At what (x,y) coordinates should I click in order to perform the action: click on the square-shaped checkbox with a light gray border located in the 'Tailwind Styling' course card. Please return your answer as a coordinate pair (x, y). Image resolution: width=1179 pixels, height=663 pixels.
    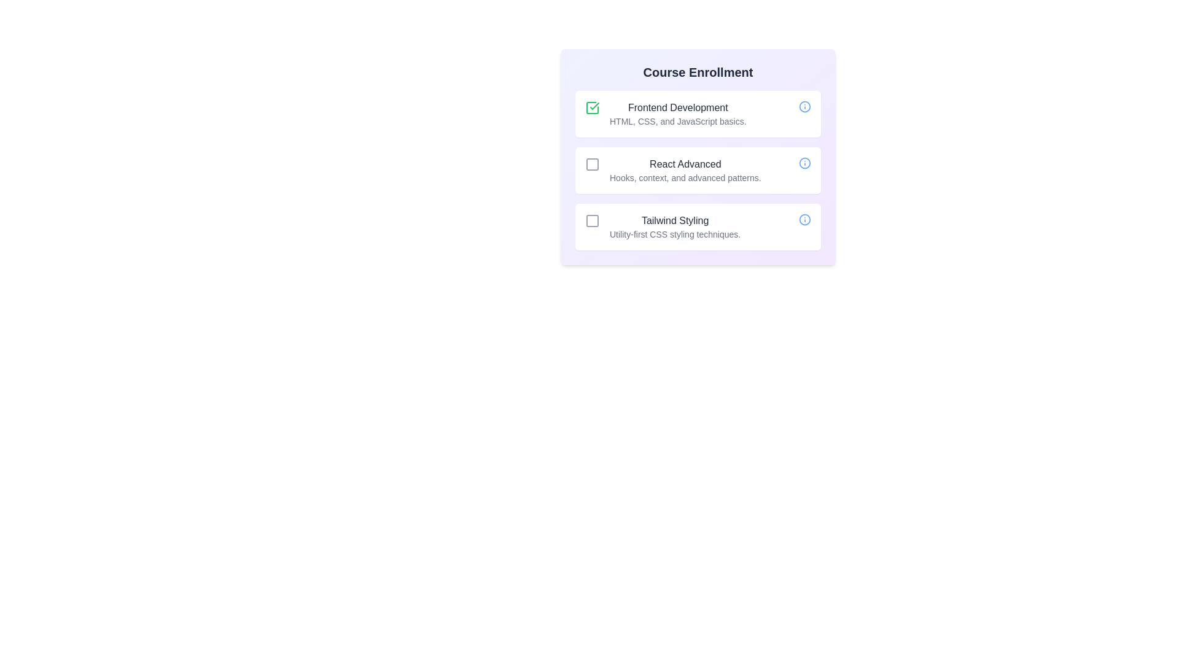
    Looking at the image, I should click on (592, 220).